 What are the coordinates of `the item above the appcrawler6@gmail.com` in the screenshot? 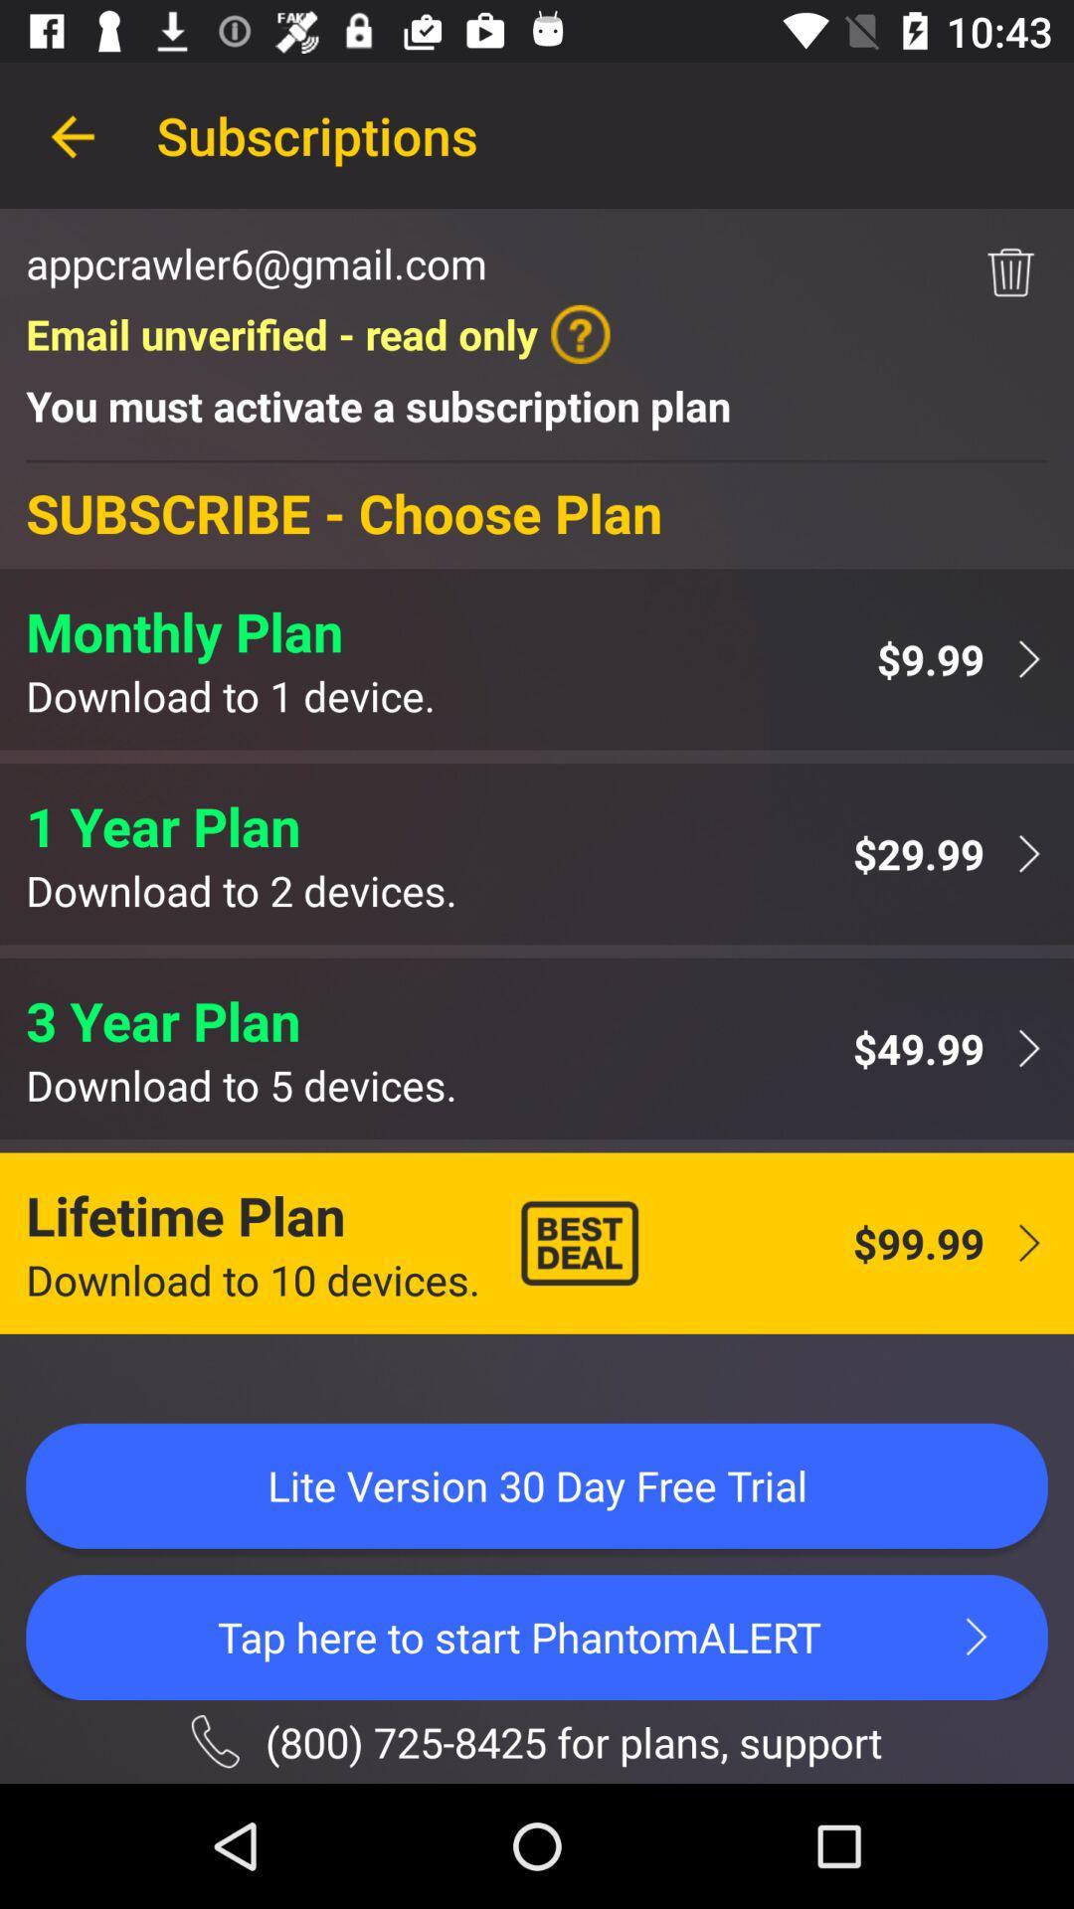 It's located at (72, 134).